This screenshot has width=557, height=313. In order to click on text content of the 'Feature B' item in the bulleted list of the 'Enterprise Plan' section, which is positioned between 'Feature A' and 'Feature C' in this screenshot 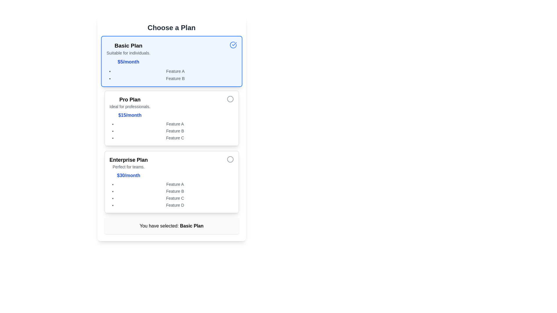, I will do `click(175, 191)`.